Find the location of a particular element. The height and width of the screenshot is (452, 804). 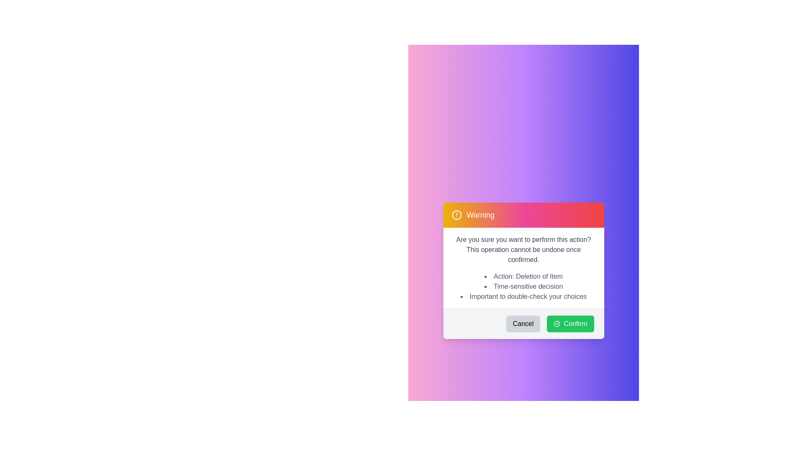

the first static list item labeled 'Action: Deletion of Item', which is styled in dark gray on a white background, located beneath the yellow header 'Warning' in the modal dialog is located at coordinates (523, 276).